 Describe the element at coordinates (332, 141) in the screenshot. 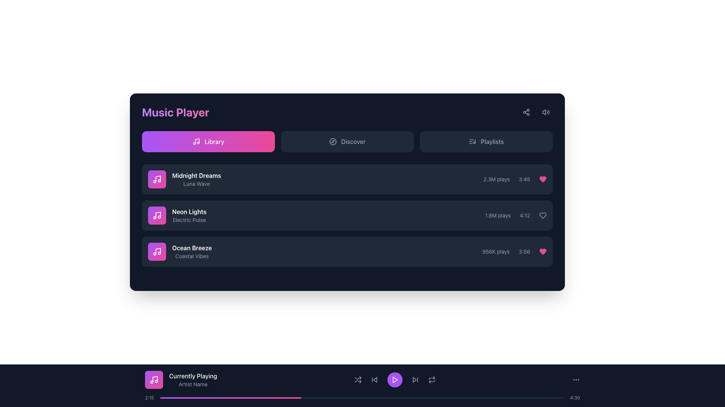

I see `the 'Discover' button located to the right of the circular compass icon, which has a minimalist design and is gray in color` at that location.